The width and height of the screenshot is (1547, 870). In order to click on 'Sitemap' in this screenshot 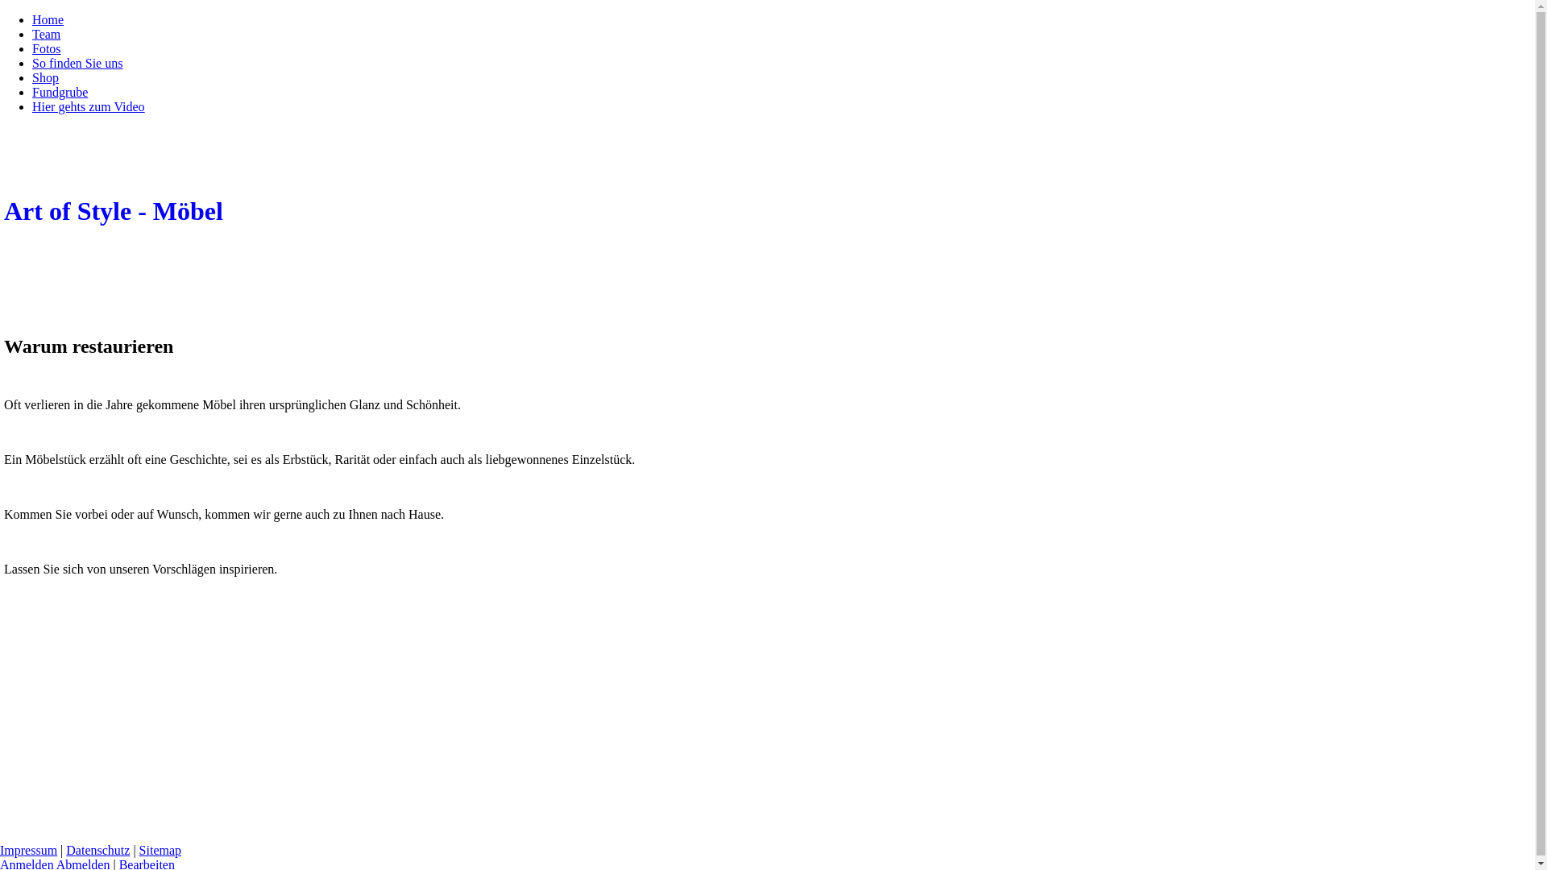, I will do `click(160, 849)`.